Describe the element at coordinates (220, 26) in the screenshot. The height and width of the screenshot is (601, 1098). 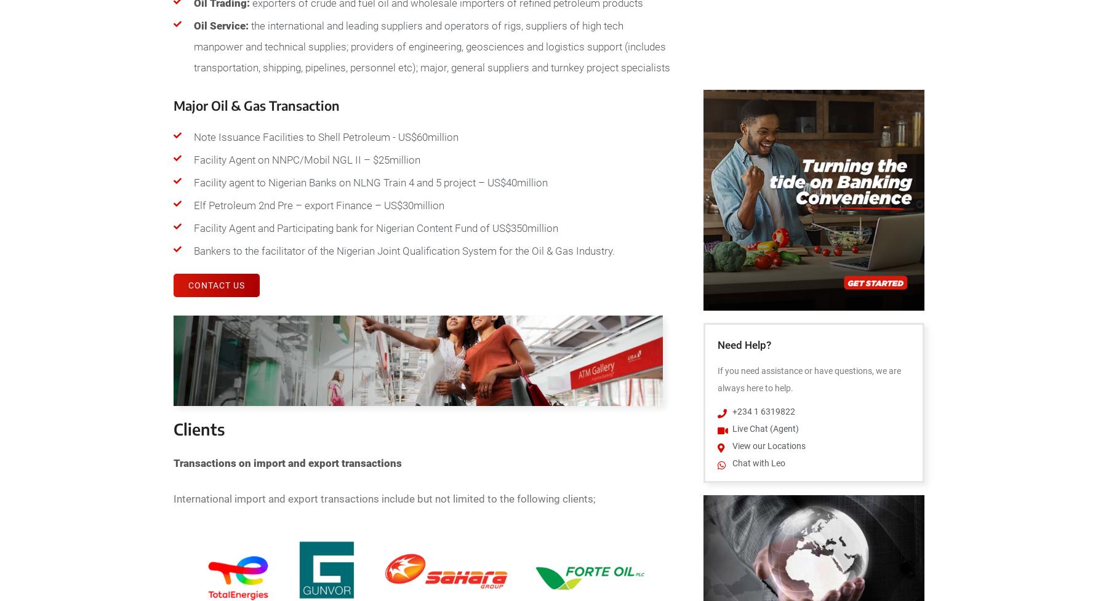
I see `'Oil Service:'` at that location.